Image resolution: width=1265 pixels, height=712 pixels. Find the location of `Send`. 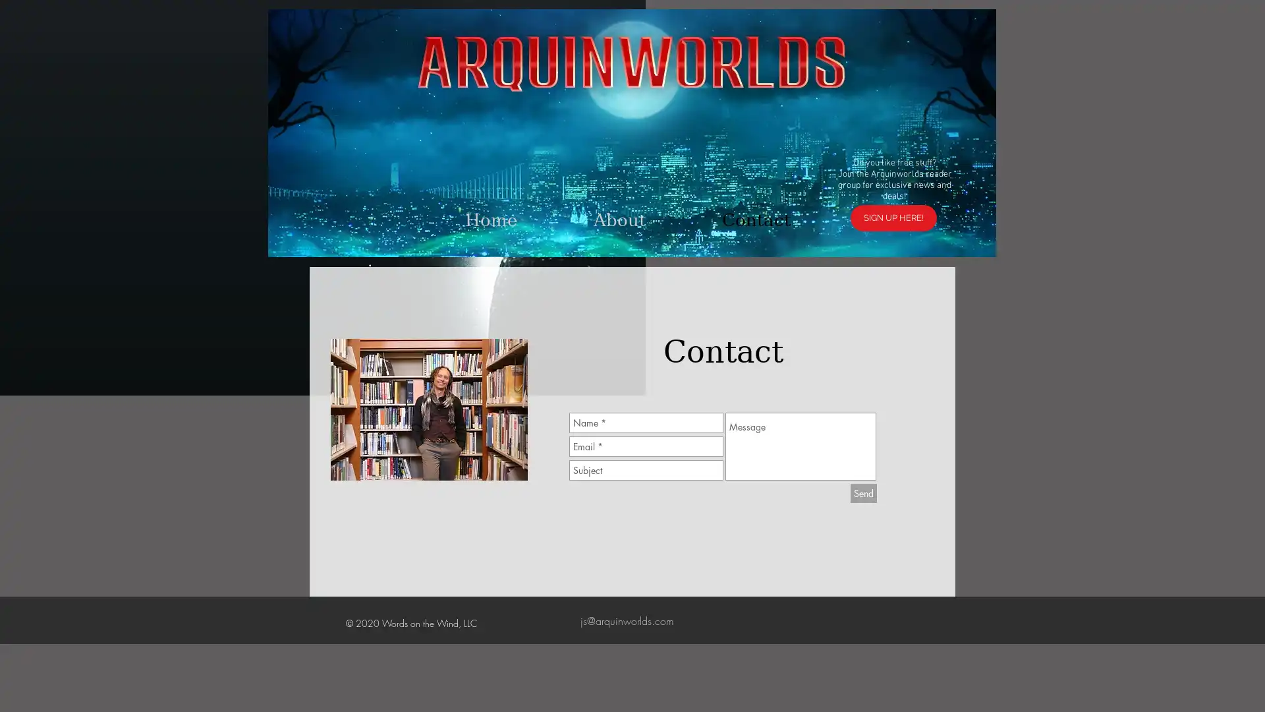

Send is located at coordinates (863, 493).